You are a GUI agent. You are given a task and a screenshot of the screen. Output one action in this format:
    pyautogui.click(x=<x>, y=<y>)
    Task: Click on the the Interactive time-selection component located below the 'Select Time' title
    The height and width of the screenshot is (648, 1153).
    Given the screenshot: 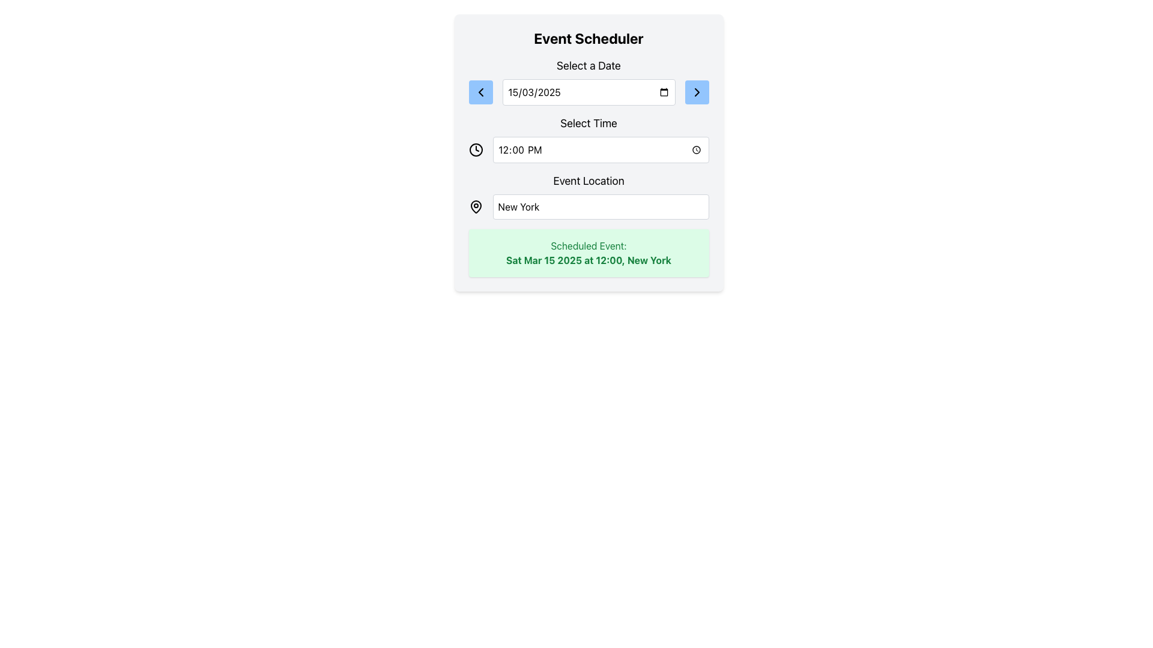 What is the action you would take?
    pyautogui.click(x=589, y=149)
    